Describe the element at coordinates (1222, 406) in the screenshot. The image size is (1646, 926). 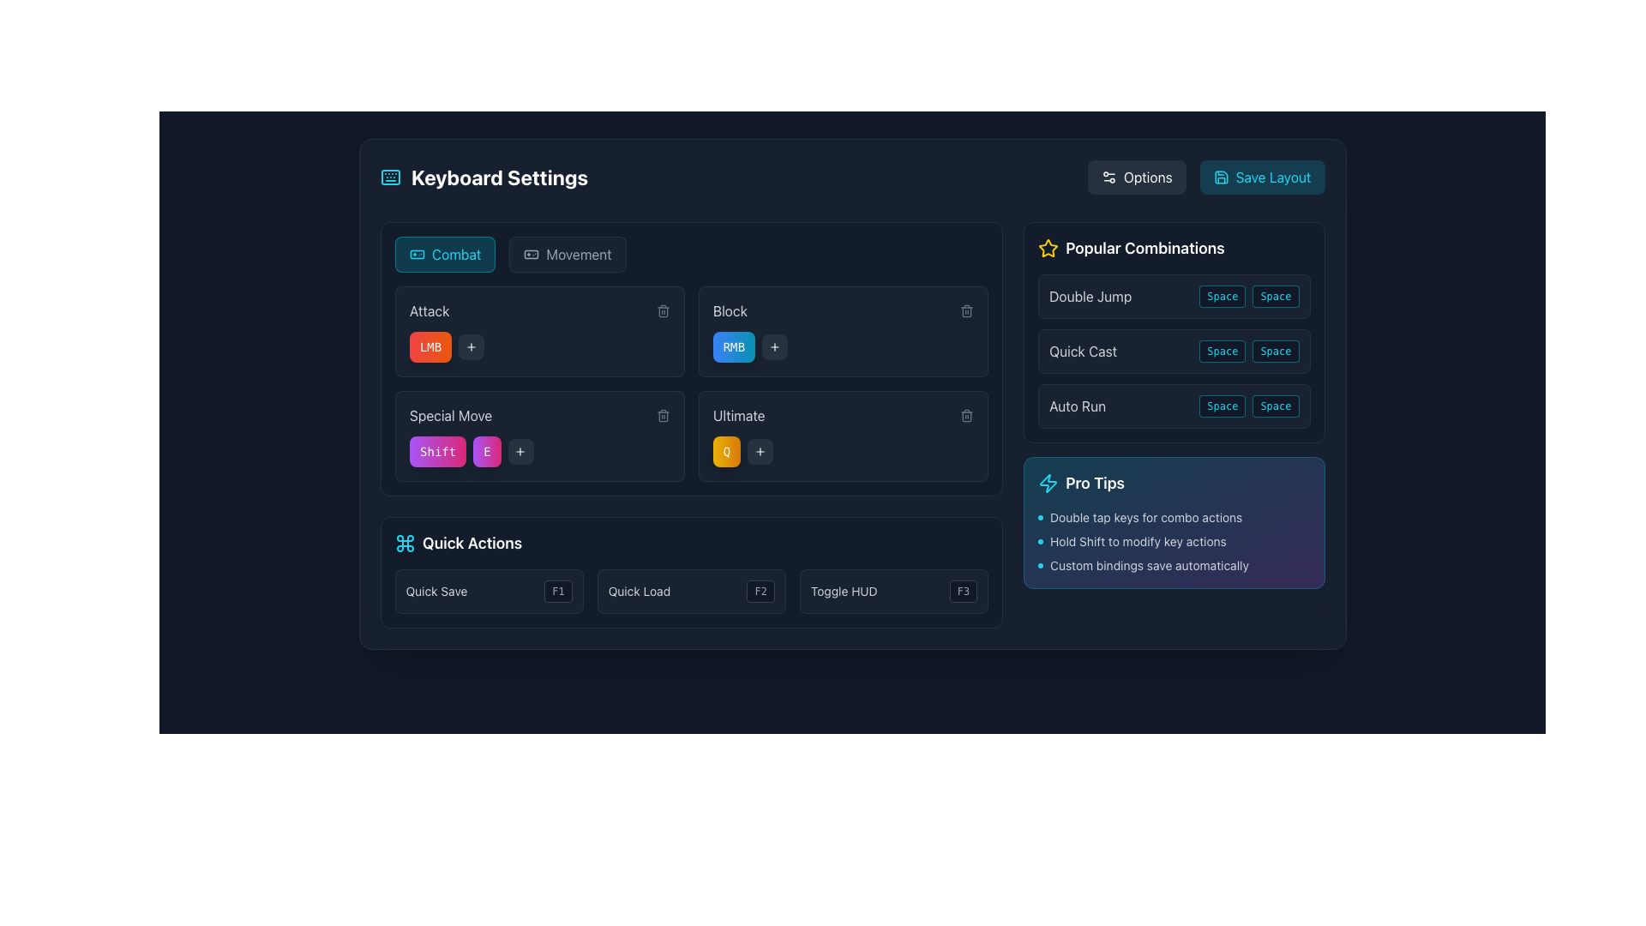
I see `the 'Space' button in the 'Popular Combinations' column, which represents the key binding for 'Auto Run'` at that location.